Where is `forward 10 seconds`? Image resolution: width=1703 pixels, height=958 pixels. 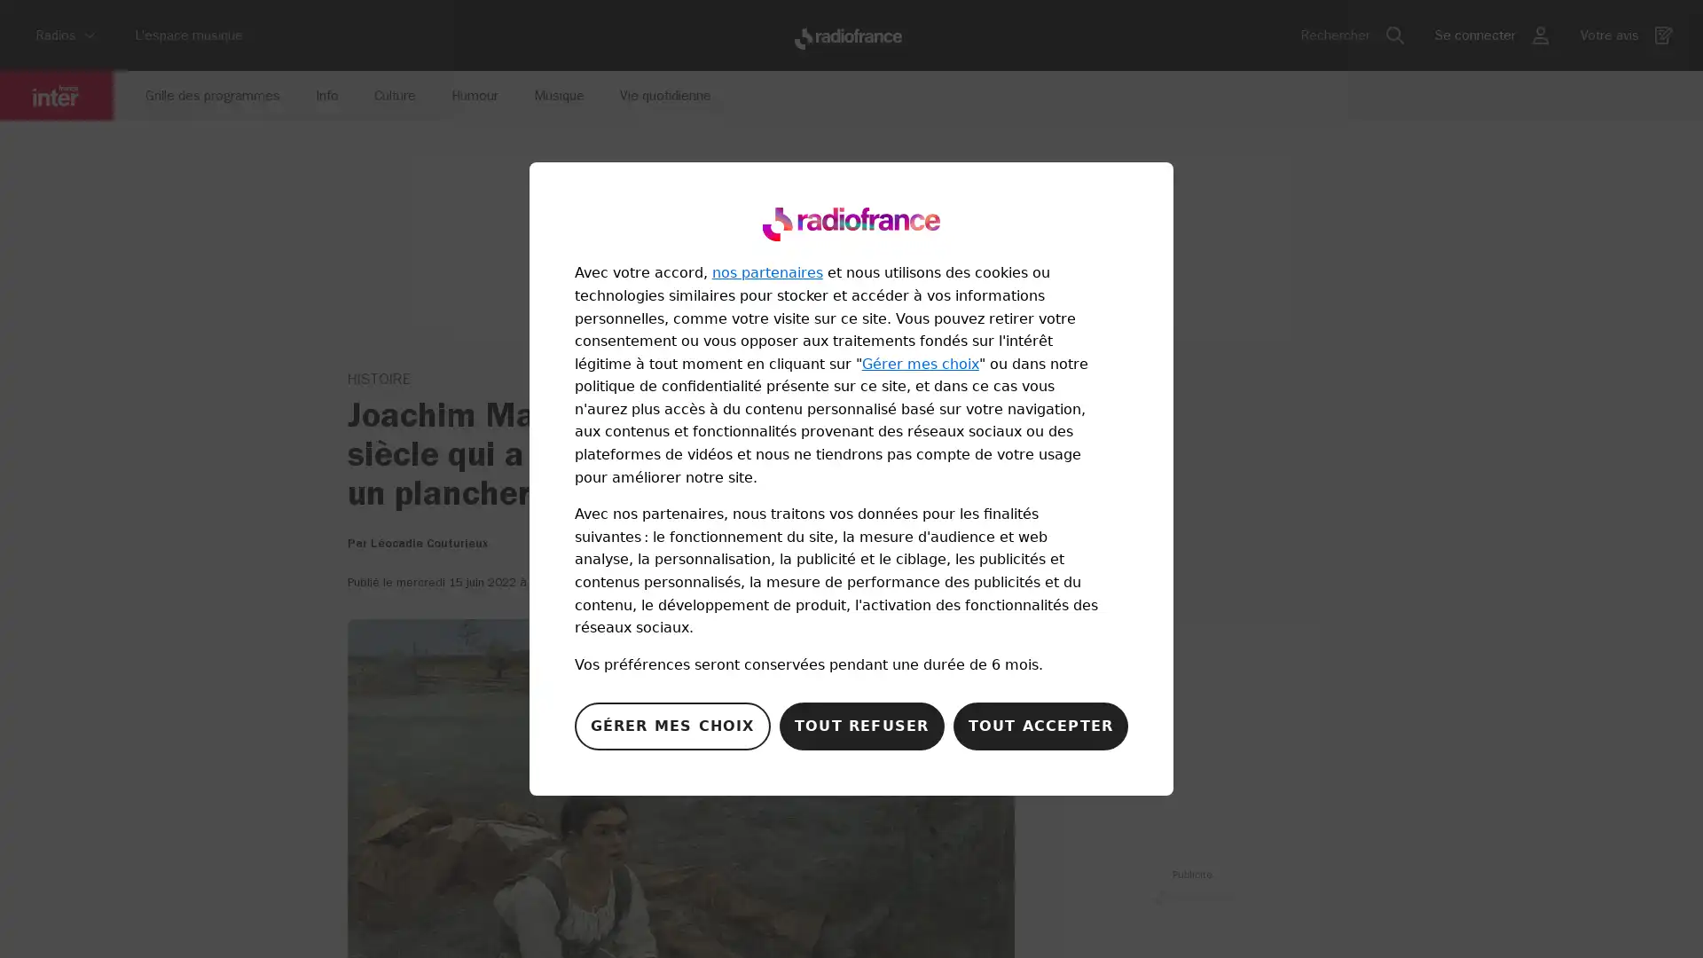
forward 10 seconds is located at coordinates (922, 912).